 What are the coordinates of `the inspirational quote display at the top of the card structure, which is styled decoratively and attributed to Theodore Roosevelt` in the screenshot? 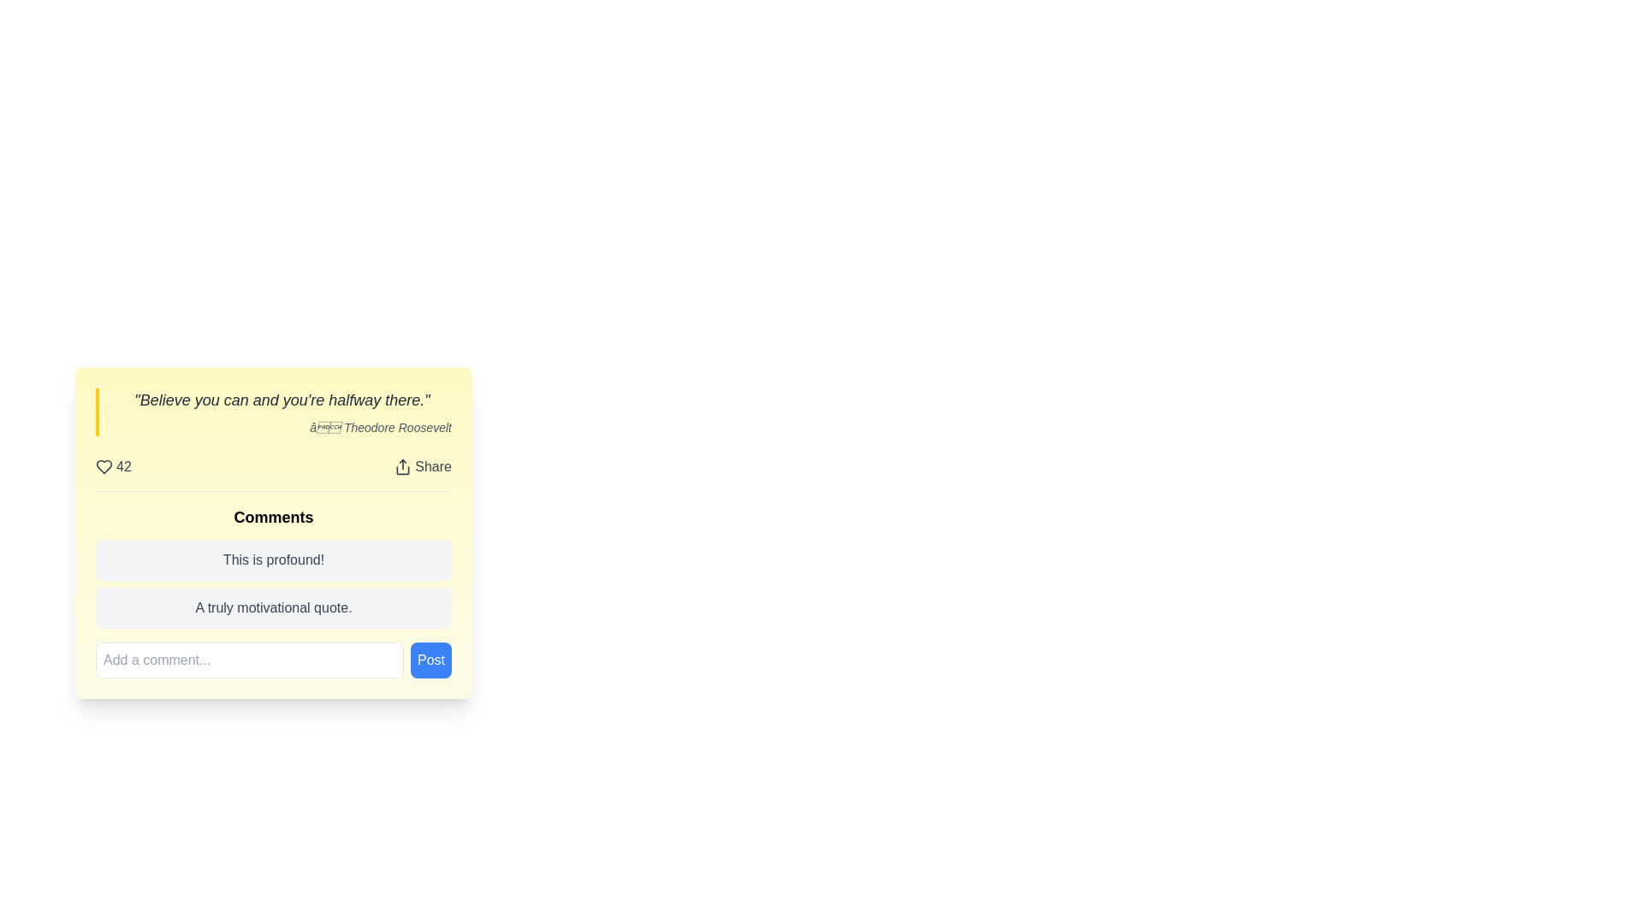 It's located at (274, 412).